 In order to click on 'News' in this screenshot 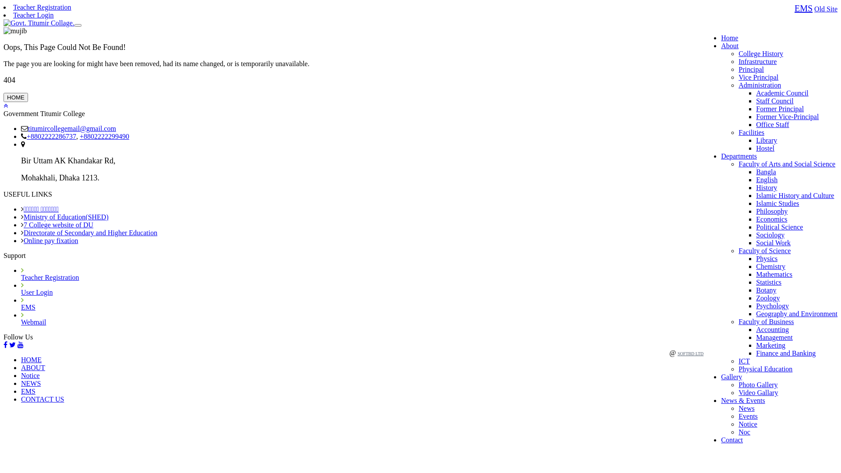, I will do `click(746, 408)`.